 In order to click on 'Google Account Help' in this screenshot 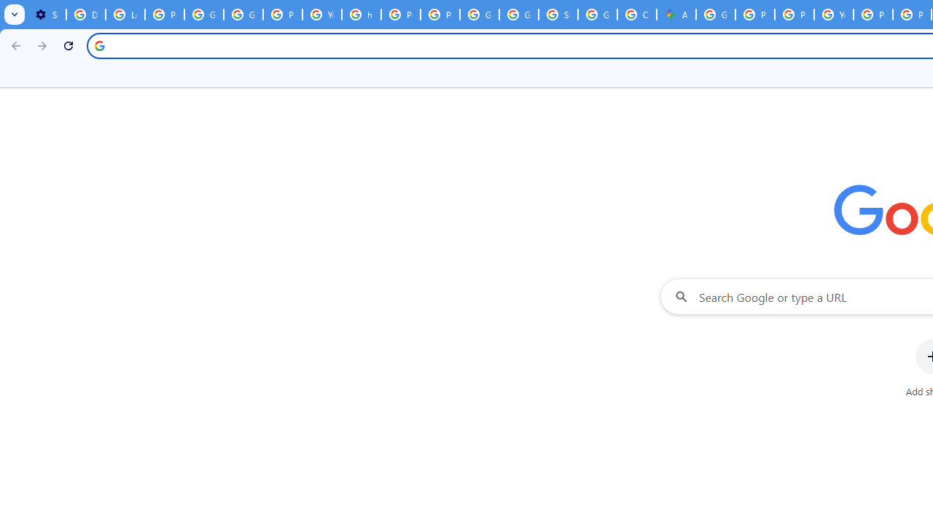, I will do `click(203, 15)`.